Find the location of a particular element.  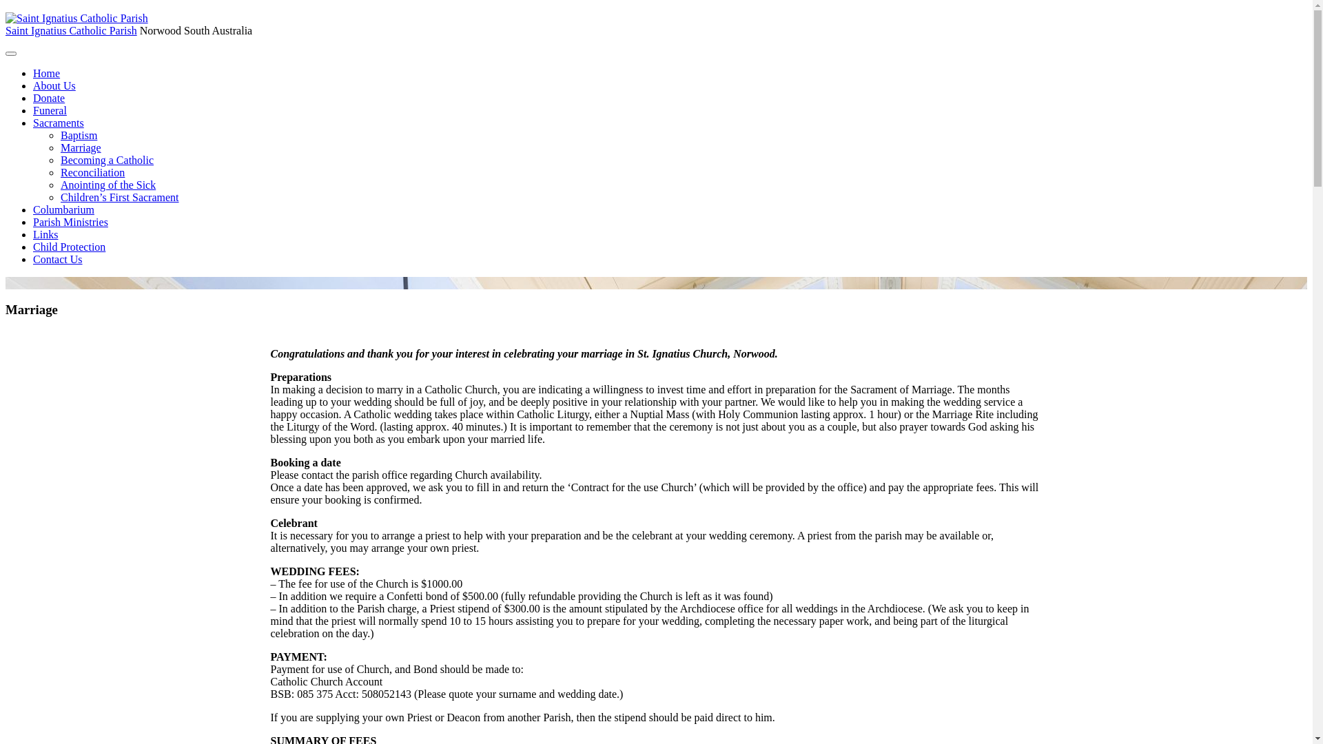

'Home' is located at coordinates (46, 73).